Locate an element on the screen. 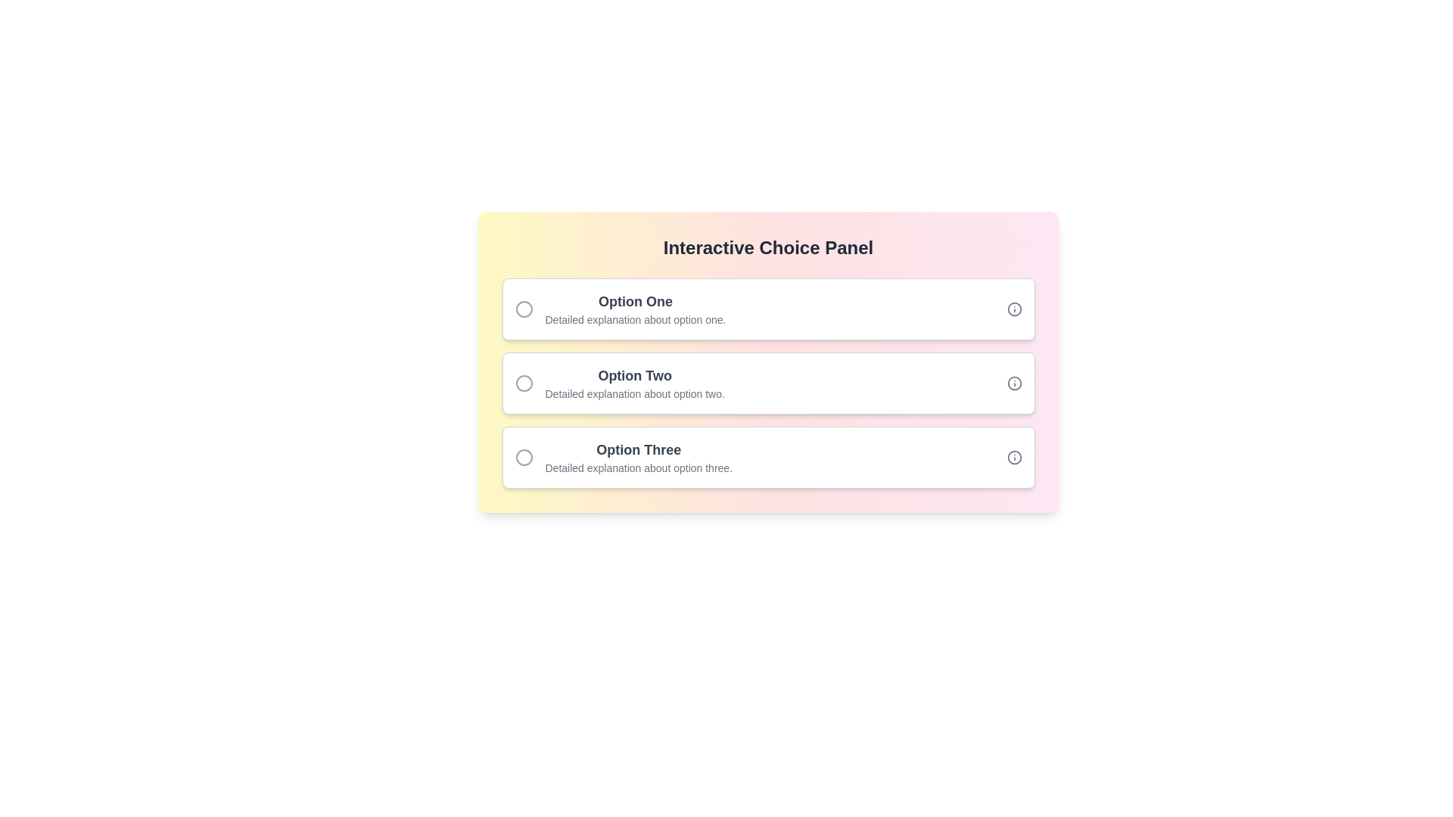  the radio button located to the left of the 'Option Two' box is located at coordinates (530, 382).